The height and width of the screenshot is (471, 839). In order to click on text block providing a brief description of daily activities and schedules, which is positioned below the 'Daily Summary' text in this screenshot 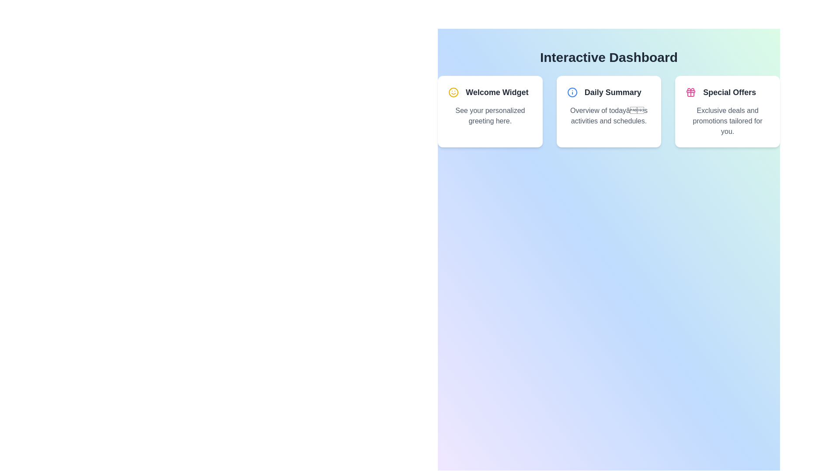, I will do `click(608, 116)`.